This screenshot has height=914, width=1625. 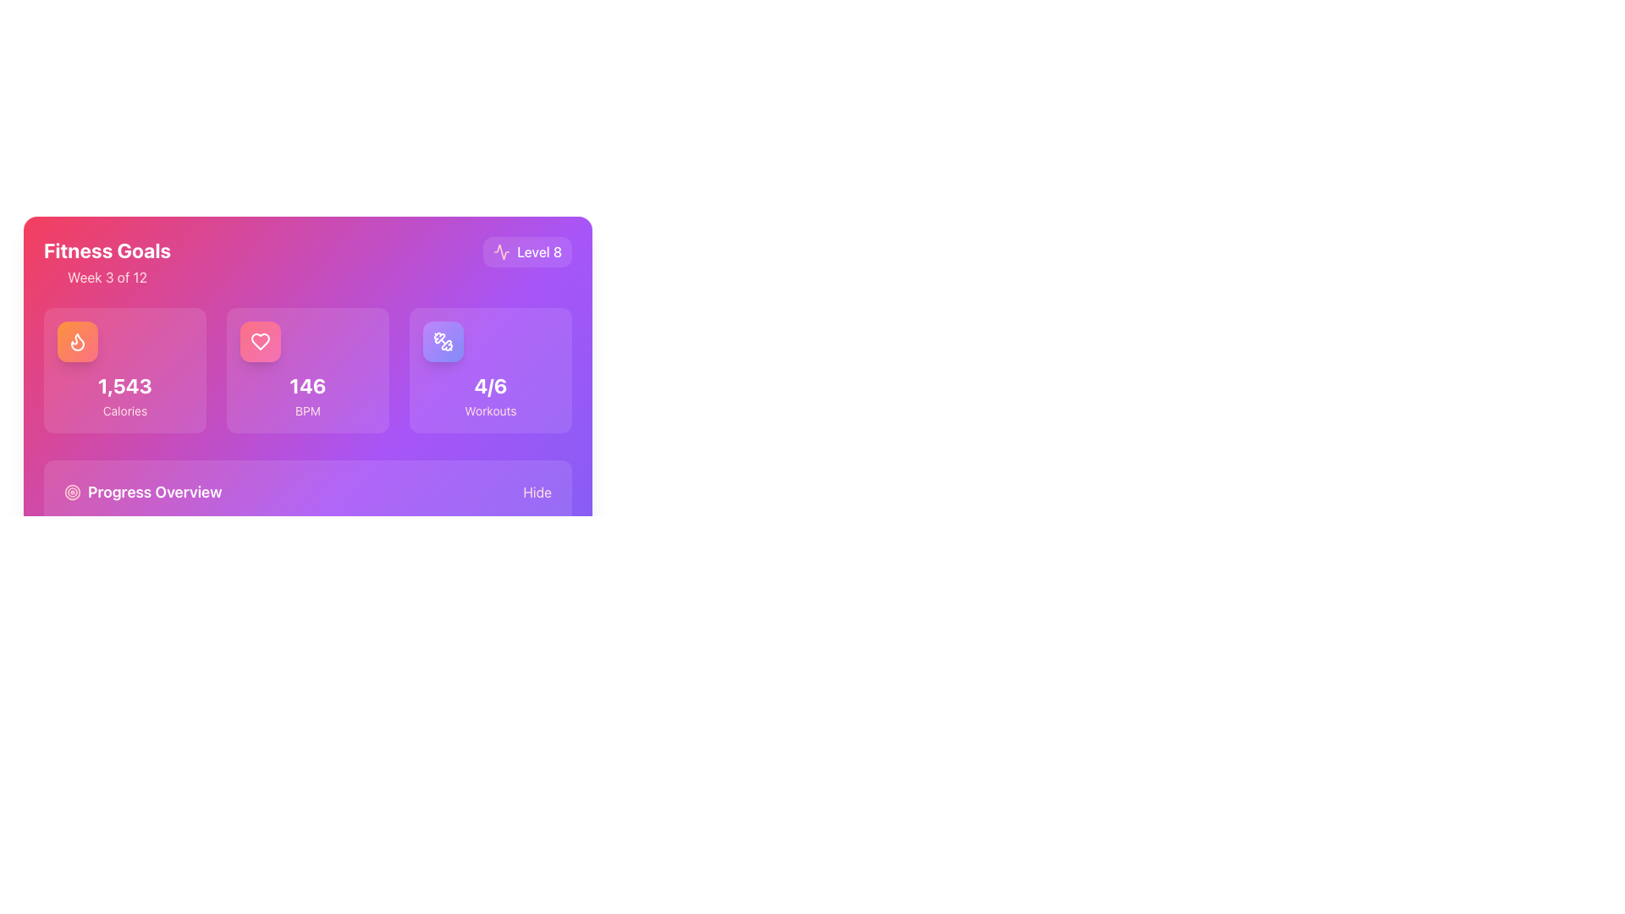 I want to click on the text label 'BPM' located directly beneath the bold numerical text '146' in the center panel of three horizontally aligned panels, so click(x=308, y=411).